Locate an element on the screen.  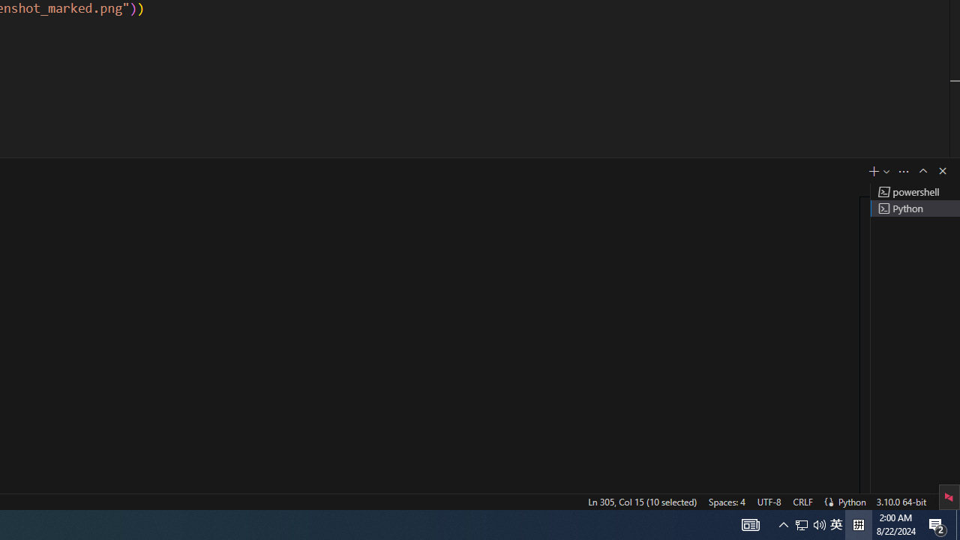
'CRLF' is located at coordinates (802, 501).